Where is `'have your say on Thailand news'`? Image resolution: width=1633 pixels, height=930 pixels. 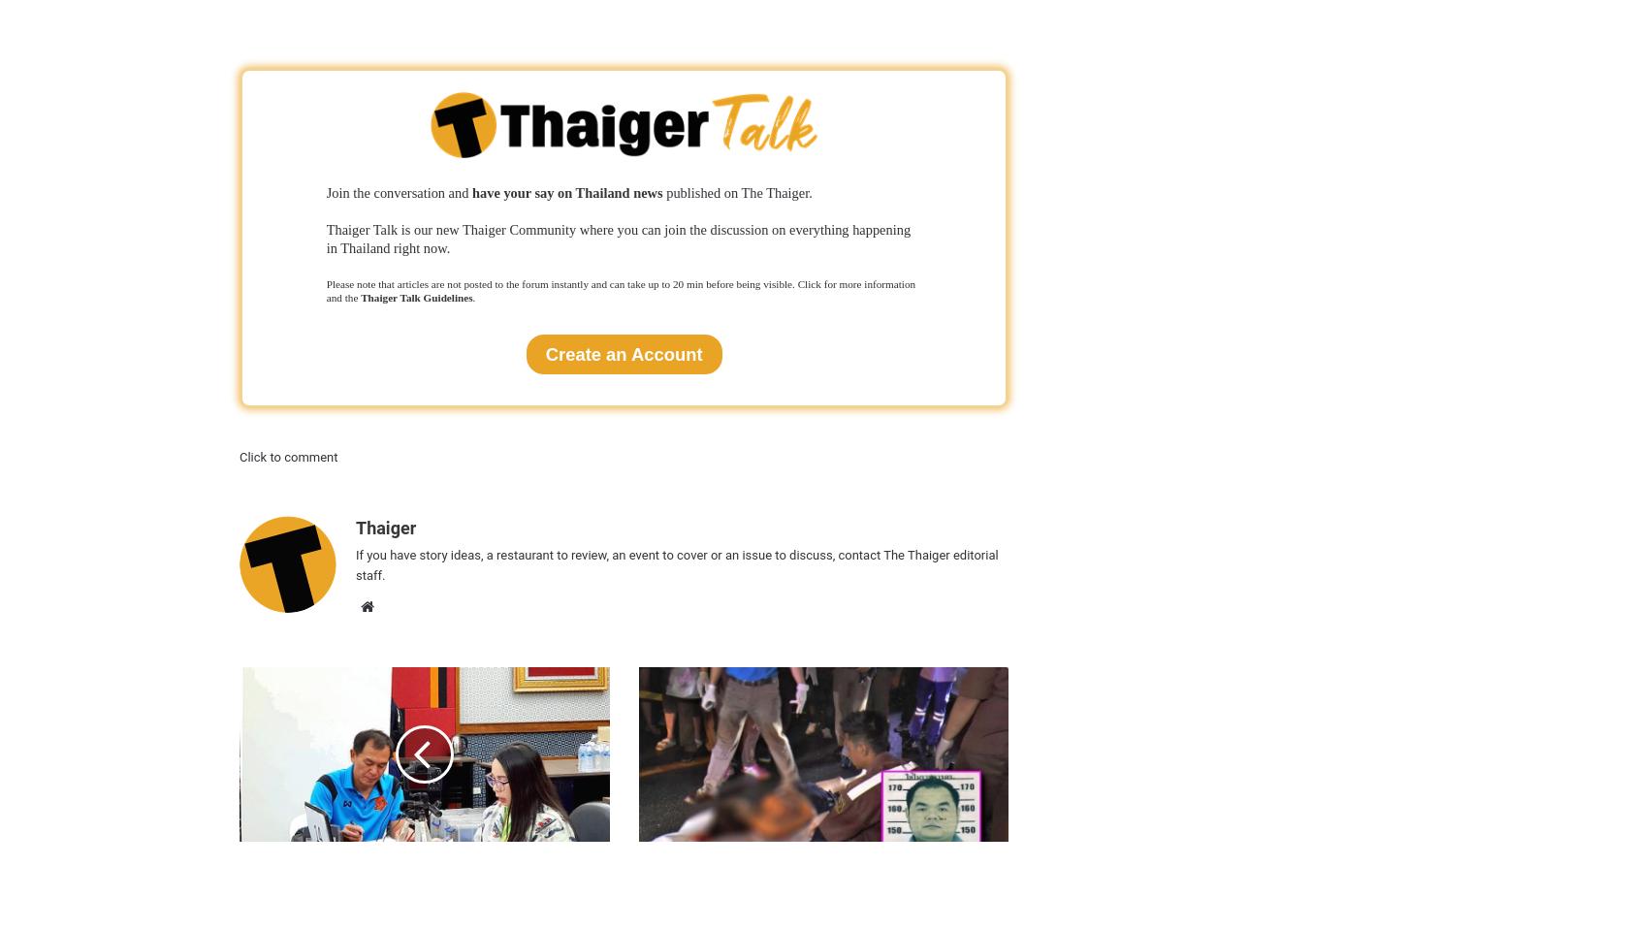 'have your say on Thailand news' is located at coordinates (566, 191).